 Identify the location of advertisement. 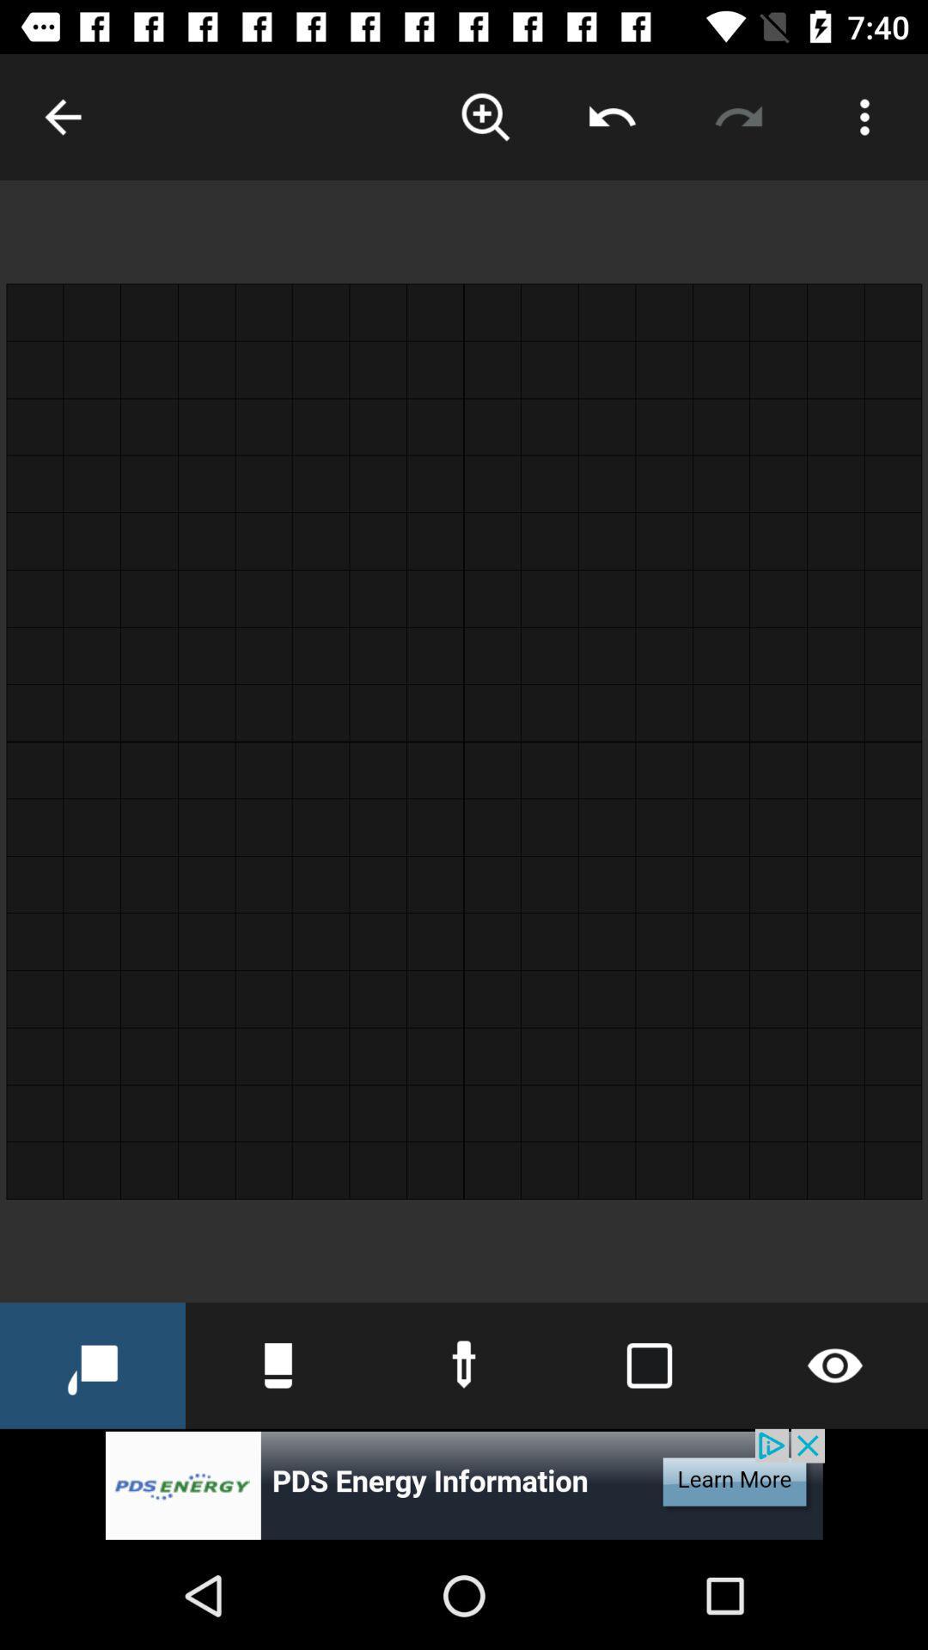
(464, 1484).